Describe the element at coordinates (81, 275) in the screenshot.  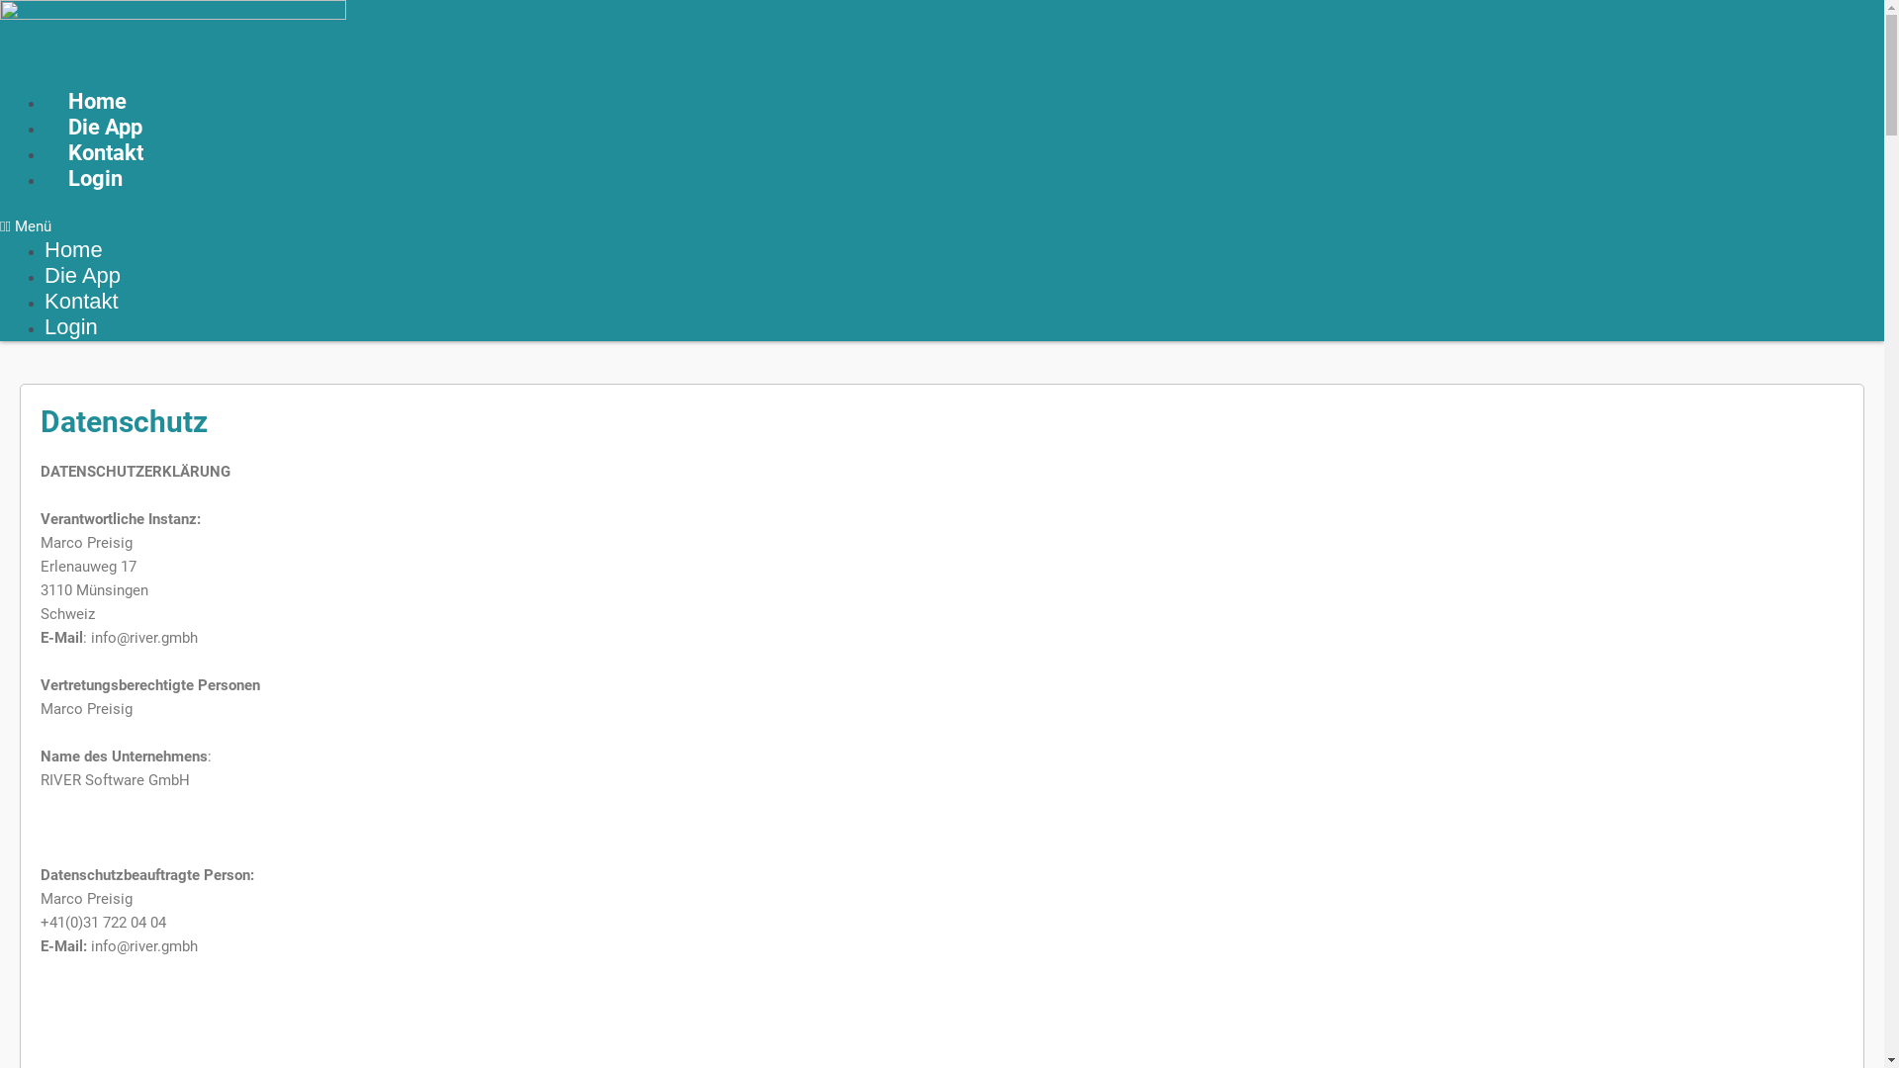
I see `'Die App'` at that location.